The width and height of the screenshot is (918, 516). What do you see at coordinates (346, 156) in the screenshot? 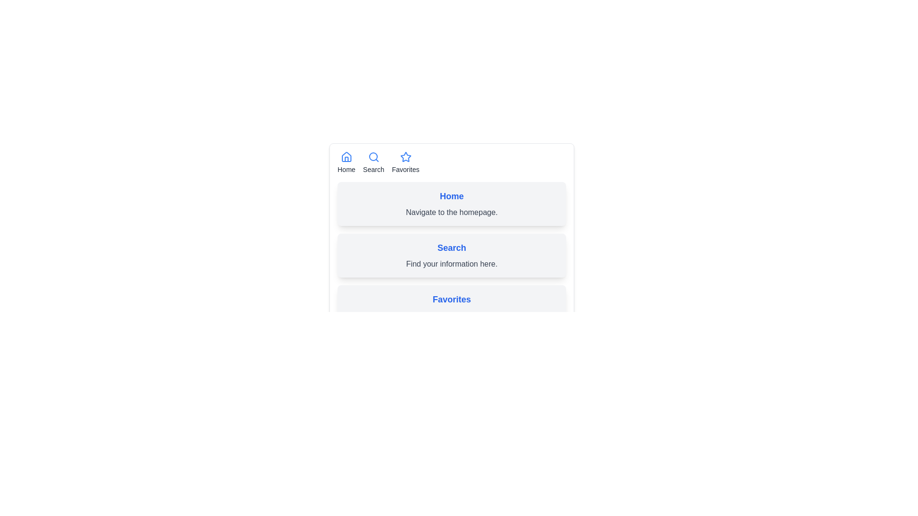
I see `the home navigation icon located in the top horizontal toolbar, which is the first item from the left and is associated with the 'Home' label below it` at bounding box center [346, 156].